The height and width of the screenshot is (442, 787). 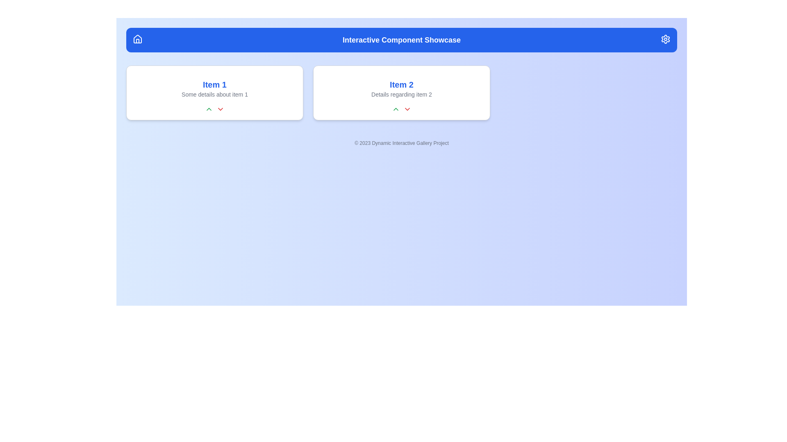 What do you see at coordinates (401, 40) in the screenshot?
I see `the Header banner element` at bounding box center [401, 40].